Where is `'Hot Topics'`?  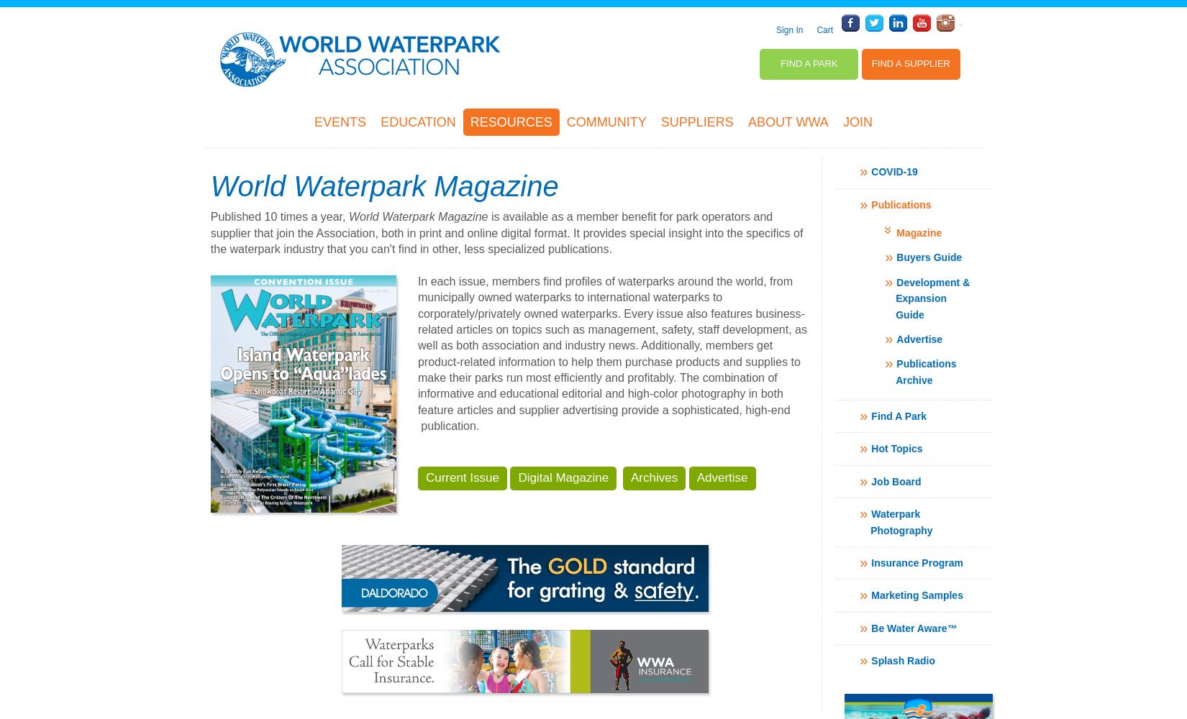
'Hot Topics' is located at coordinates (896, 448).